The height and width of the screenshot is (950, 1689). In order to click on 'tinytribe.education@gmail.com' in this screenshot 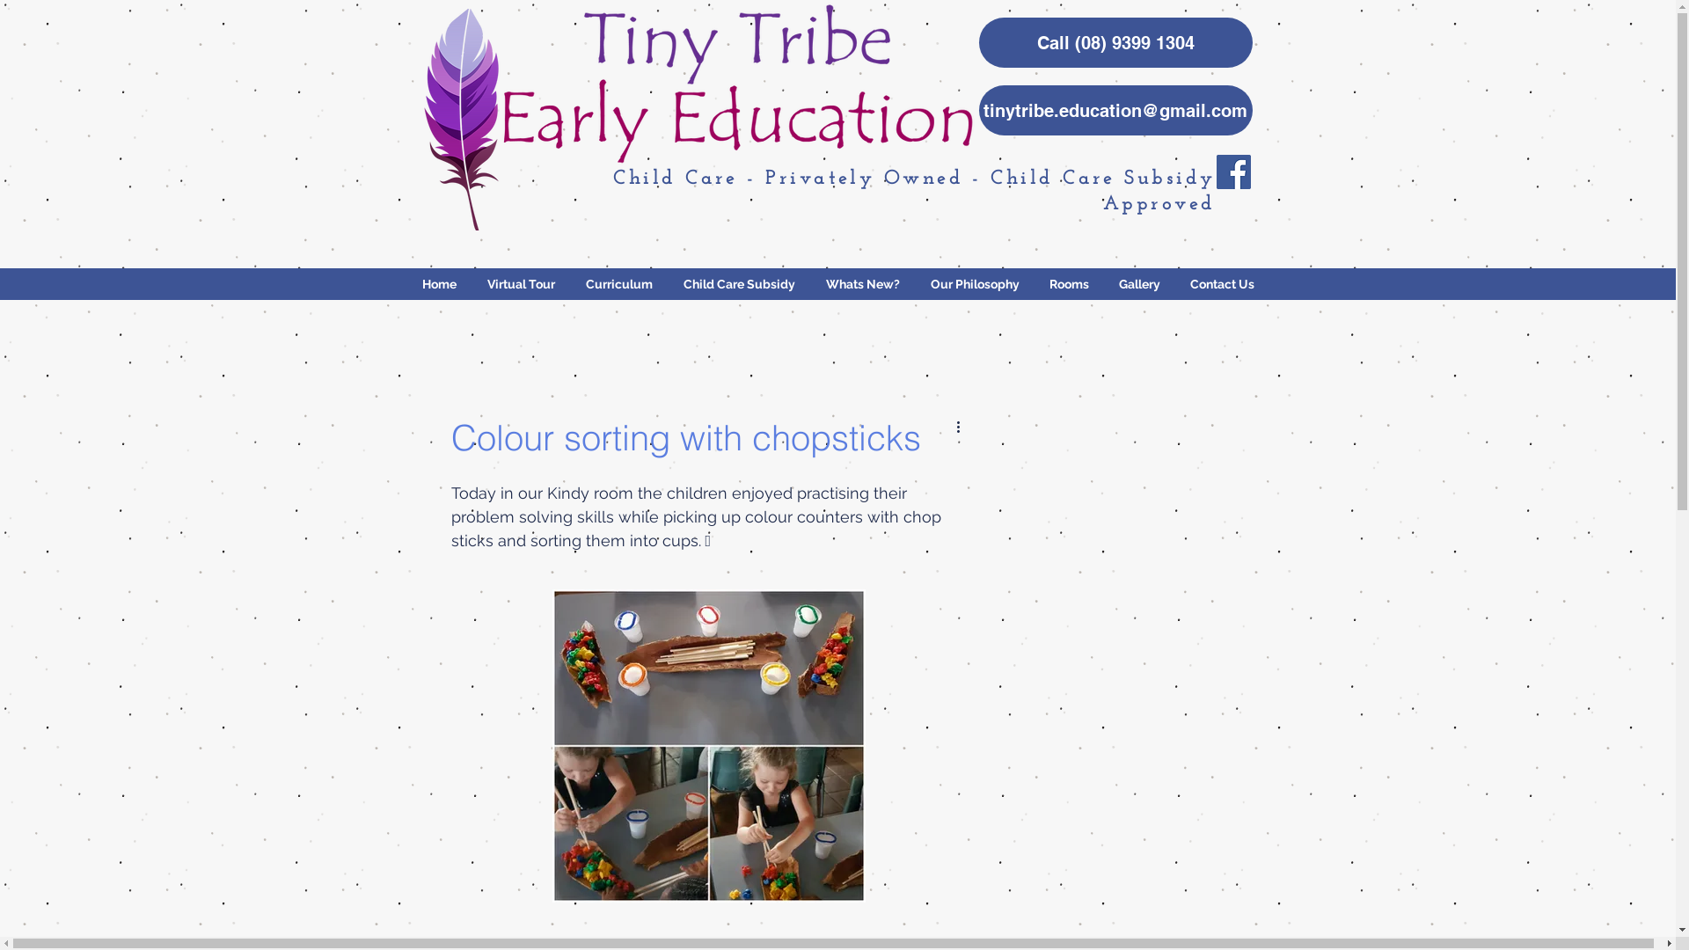, I will do `click(1114, 110)`.